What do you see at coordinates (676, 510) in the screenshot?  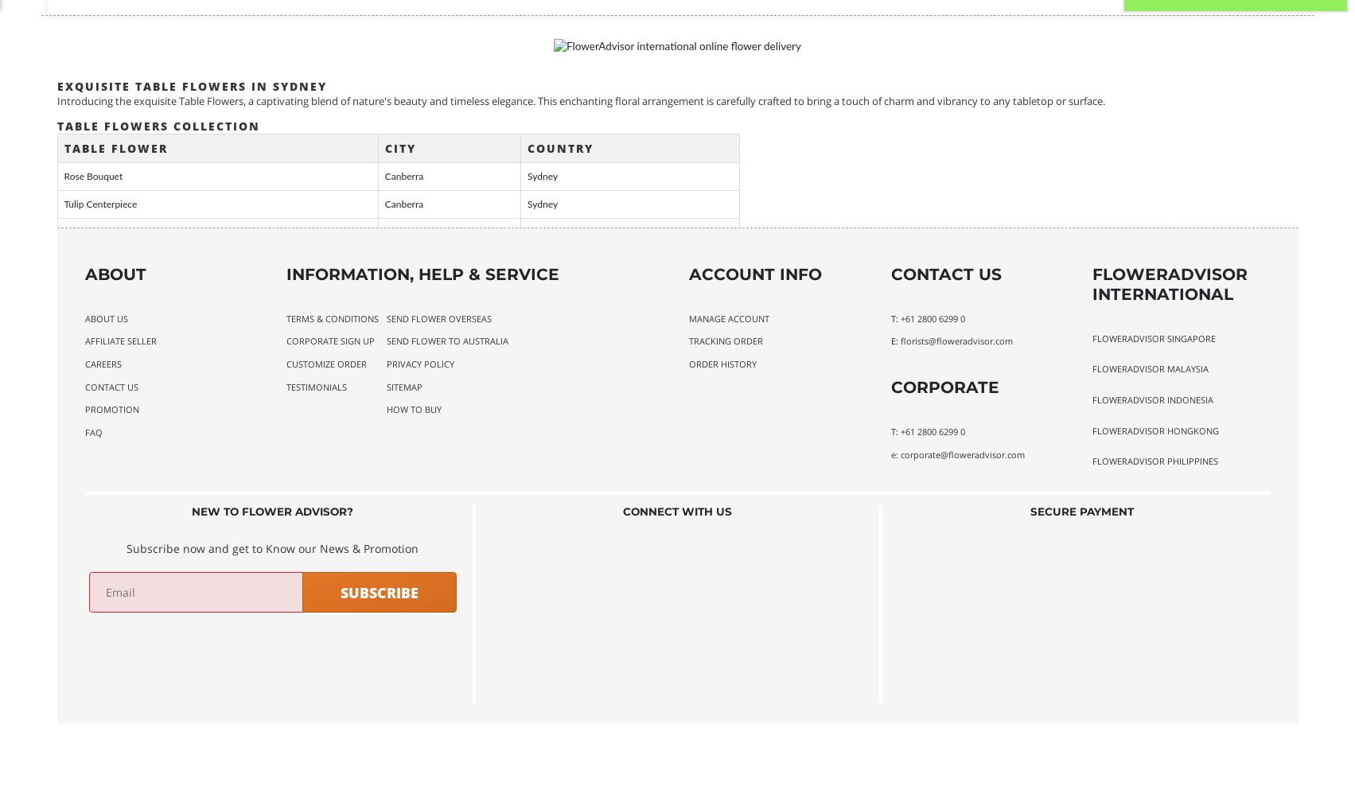 I see `'Connect With Us'` at bounding box center [676, 510].